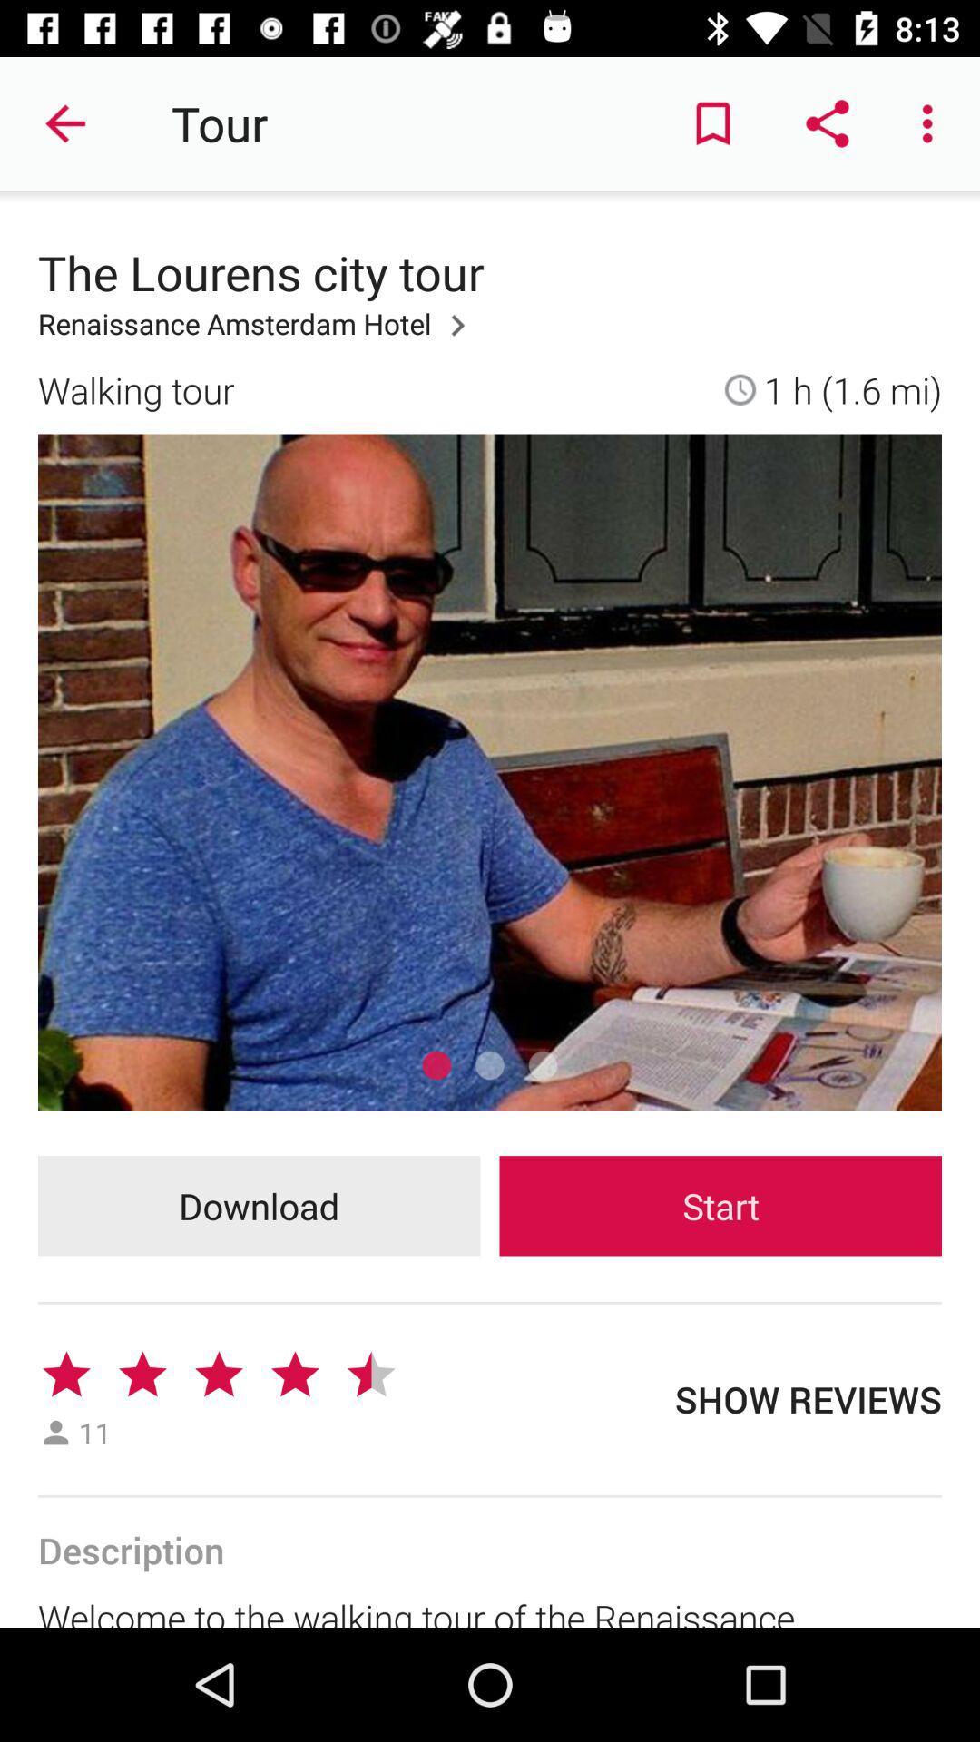 The height and width of the screenshot is (1742, 980). What do you see at coordinates (54, 1432) in the screenshot?
I see `at the icon left side of number 11` at bounding box center [54, 1432].